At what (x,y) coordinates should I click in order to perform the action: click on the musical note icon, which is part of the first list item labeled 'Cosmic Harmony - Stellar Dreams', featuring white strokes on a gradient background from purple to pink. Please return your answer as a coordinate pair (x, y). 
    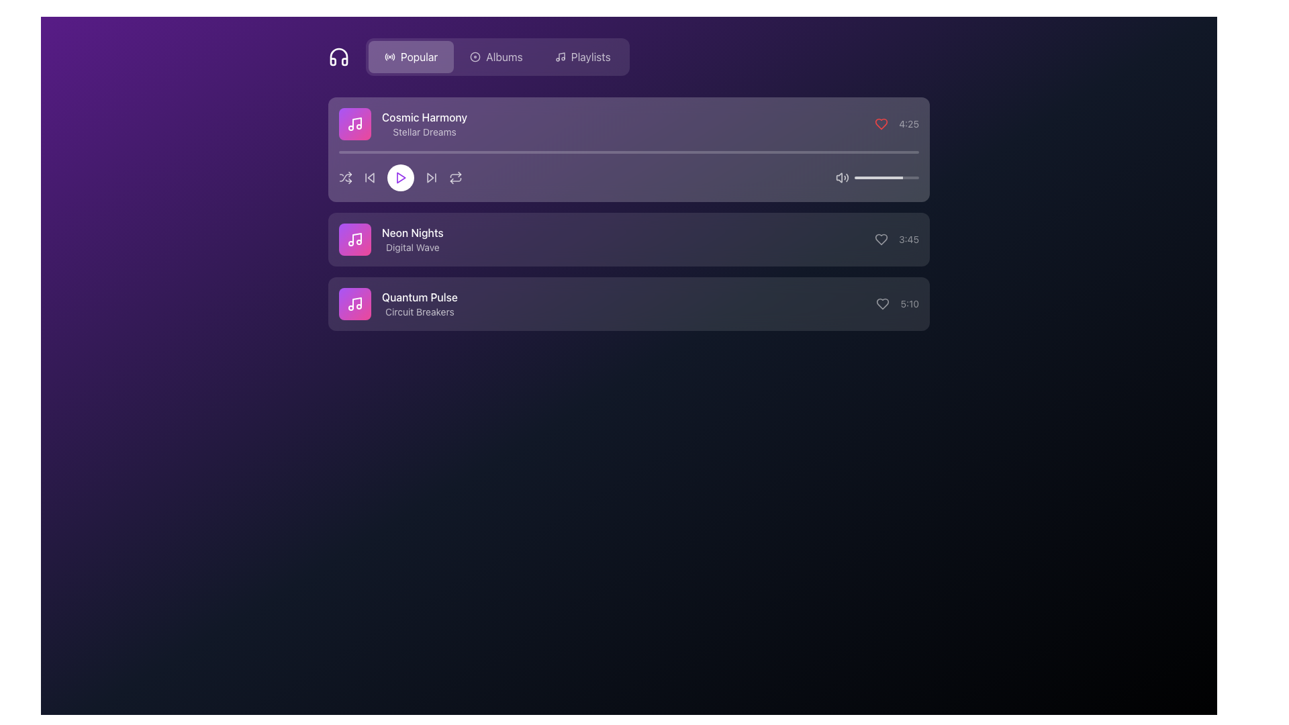
    Looking at the image, I should click on (354, 124).